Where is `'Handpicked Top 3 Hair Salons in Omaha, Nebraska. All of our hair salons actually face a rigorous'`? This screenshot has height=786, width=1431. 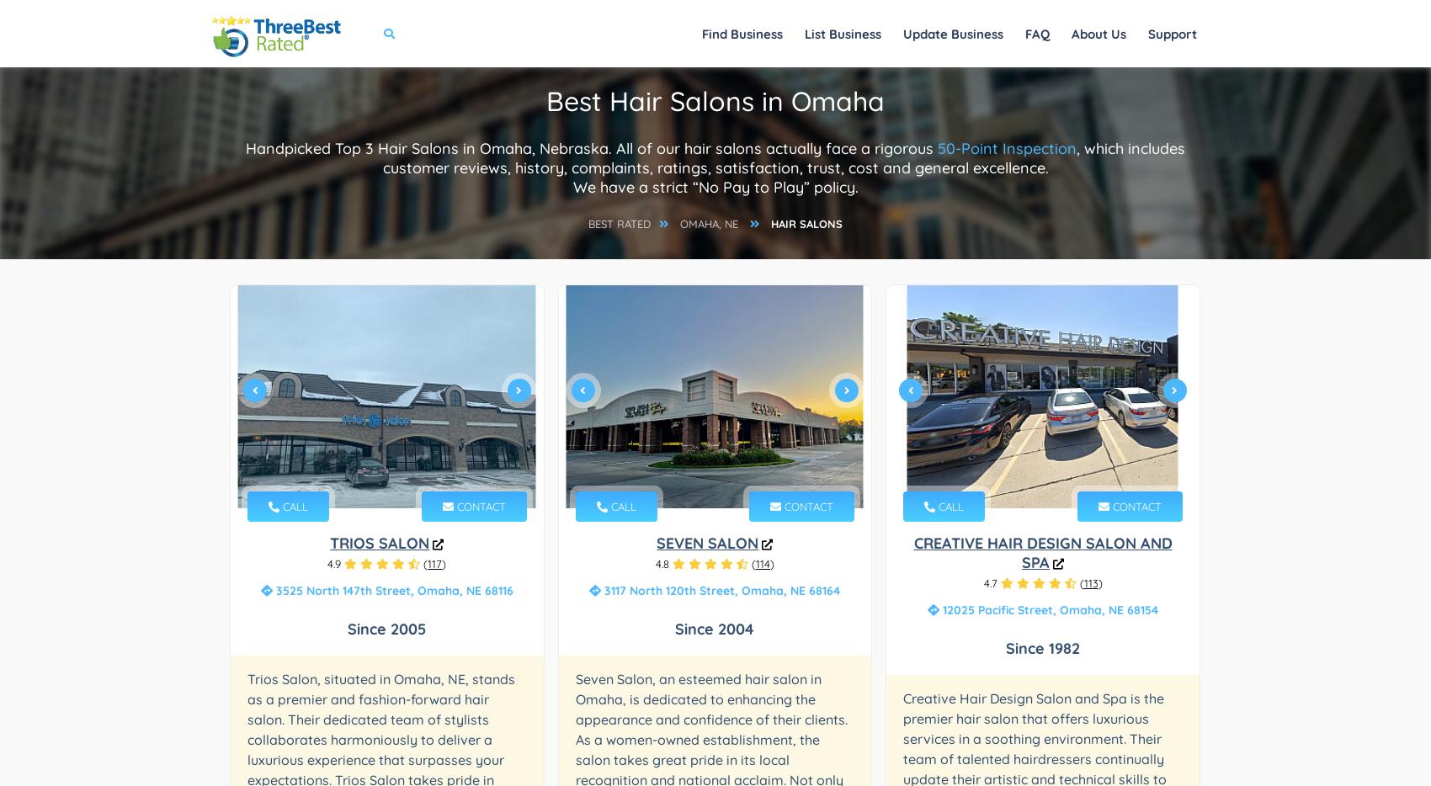 'Handpicked Top 3 Hair Salons in Omaha, Nebraska. All of our hair salons actually face a rigorous' is located at coordinates (591, 148).